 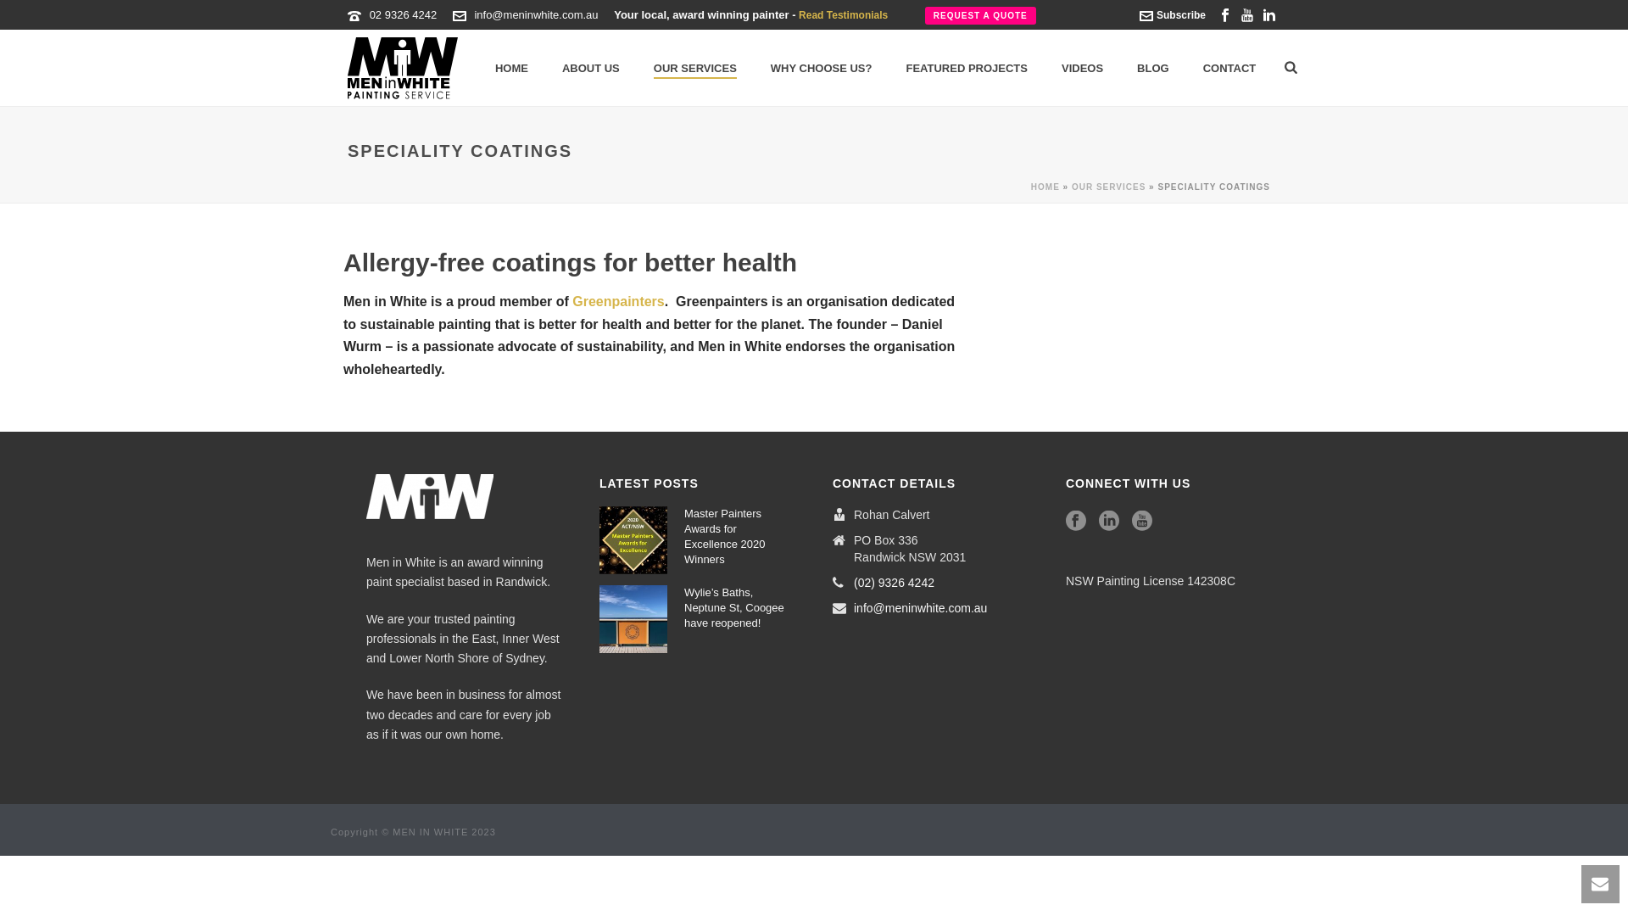 What do you see at coordinates (402, 14) in the screenshot?
I see `'02 9326 4242'` at bounding box center [402, 14].